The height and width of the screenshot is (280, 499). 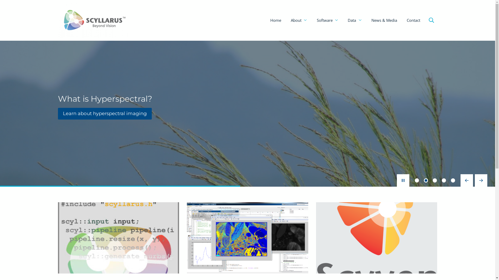 What do you see at coordinates (384, 20) in the screenshot?
I see `'News & Media'` at bounding box center [384, 20].